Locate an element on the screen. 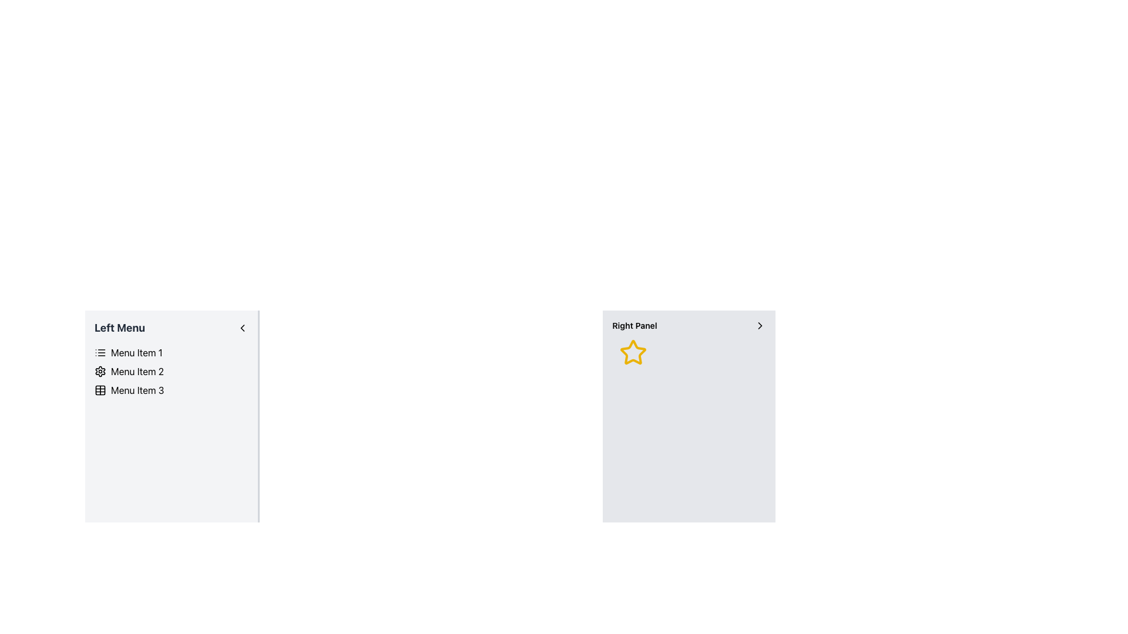 This screenshot has width=1128, height=634. the first menu item in the vertical list, labeled 'Menu Item 1', which is located below the 'Left Menu' heading is located at coordinates (170, 352).